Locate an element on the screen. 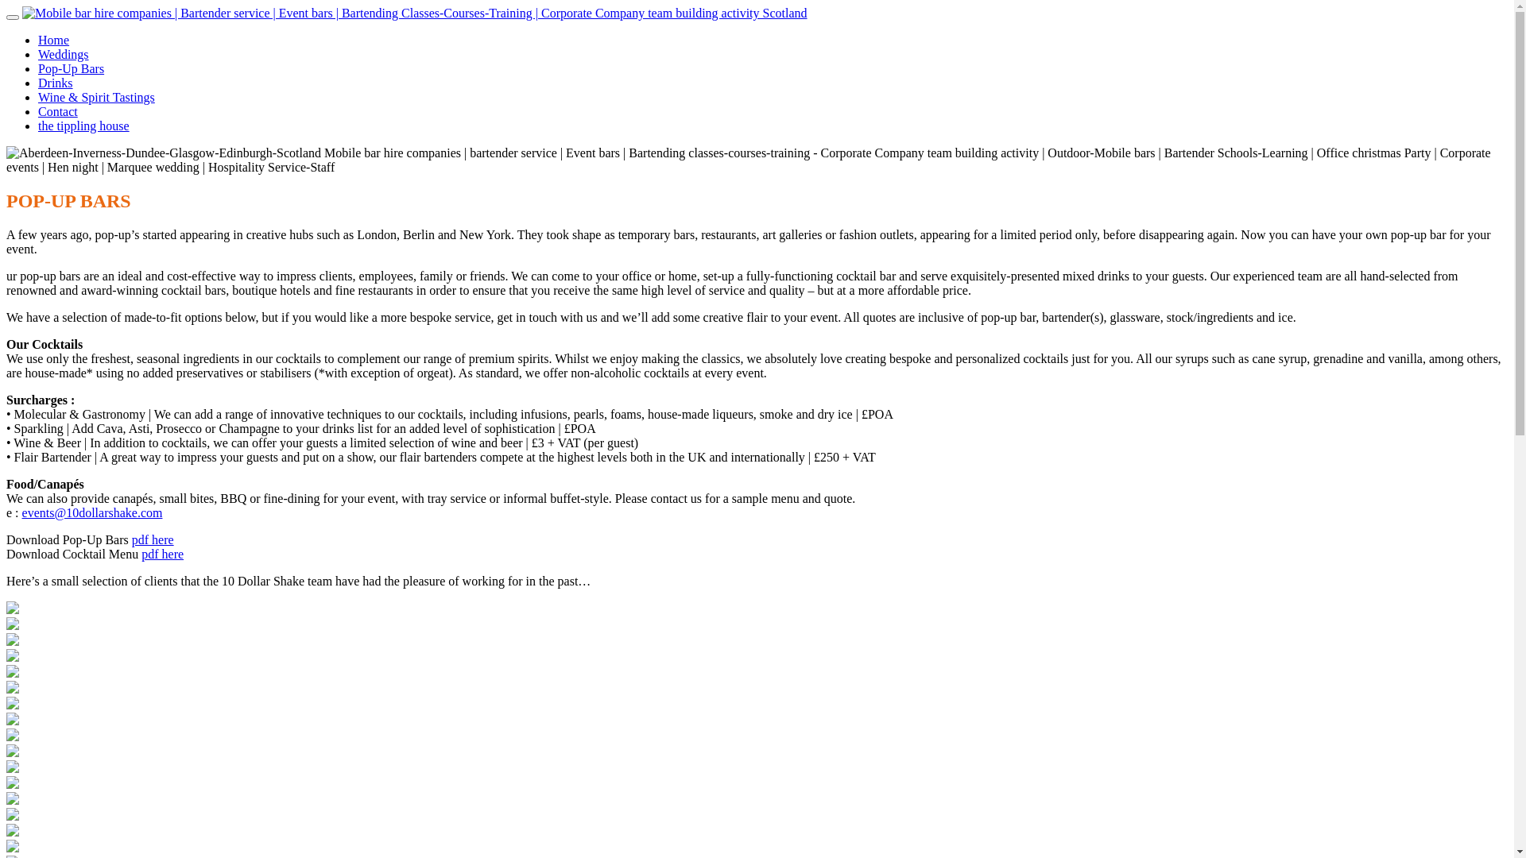  'Home' is located at coordinates (53, 39).